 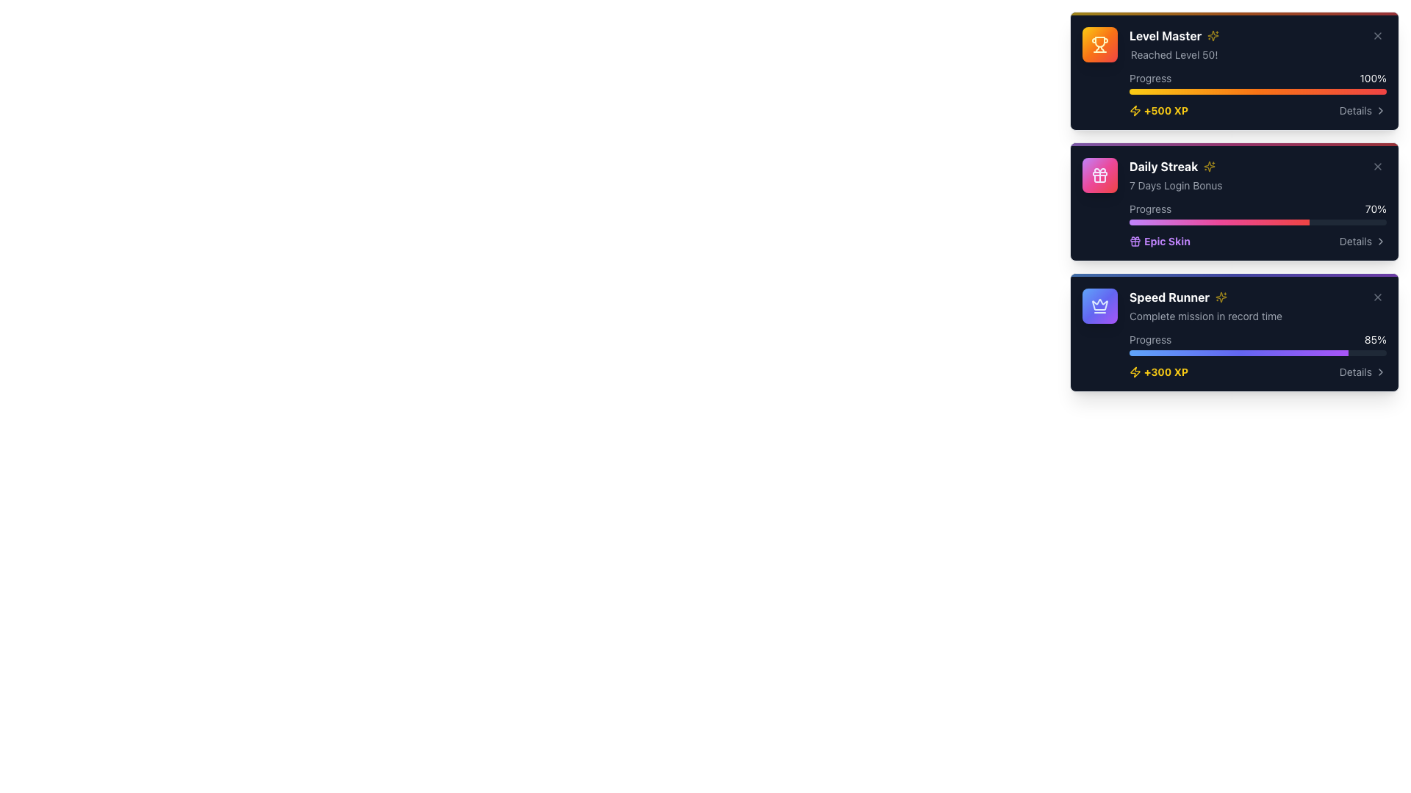 What do you see at coordinates (1135, 371) in the screenshot?
I see `the small lightning icon with a bold yellow outline, which is located next to the '+300 XP' label in the 'Speed Runner' achievement row` at bounding box center [1135, 371].